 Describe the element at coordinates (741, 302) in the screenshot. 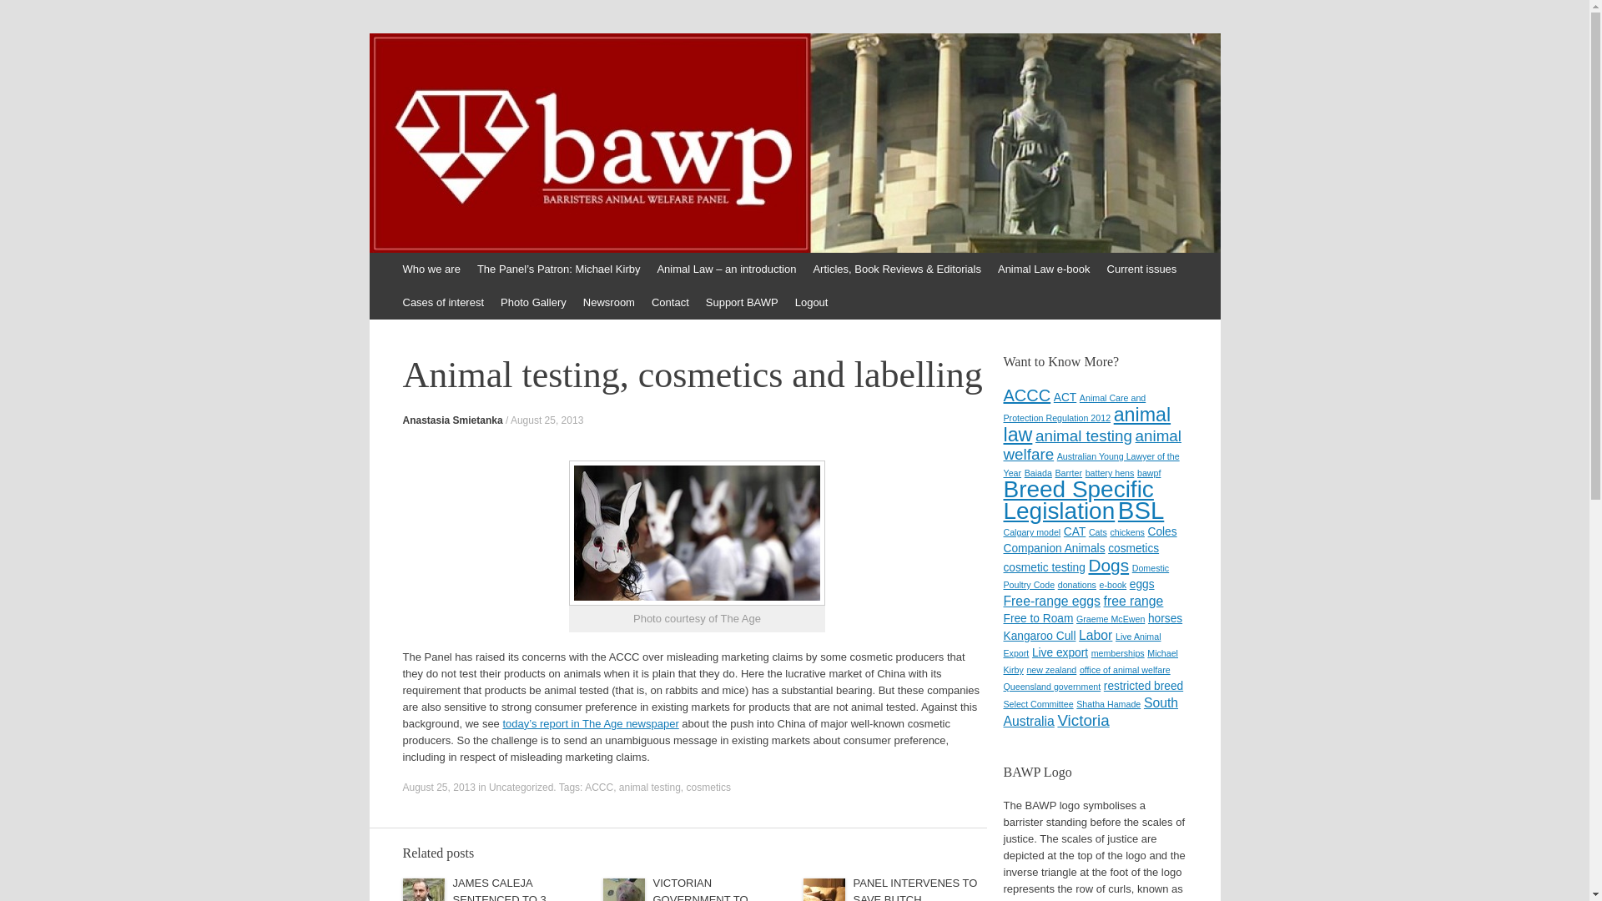

I see `'Support BAWP'` at that location.